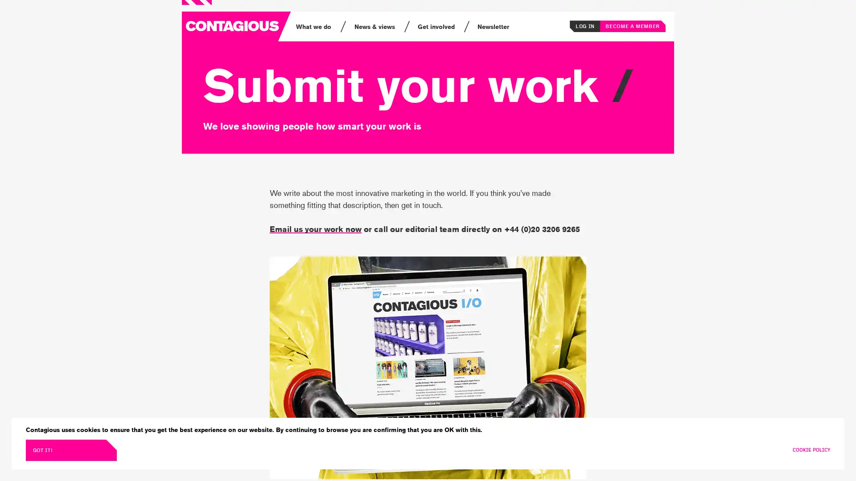  What do you see at coordinates (70, 450) in the screenshot?
I see `GOT IT!` at bounding box center [70, 450].